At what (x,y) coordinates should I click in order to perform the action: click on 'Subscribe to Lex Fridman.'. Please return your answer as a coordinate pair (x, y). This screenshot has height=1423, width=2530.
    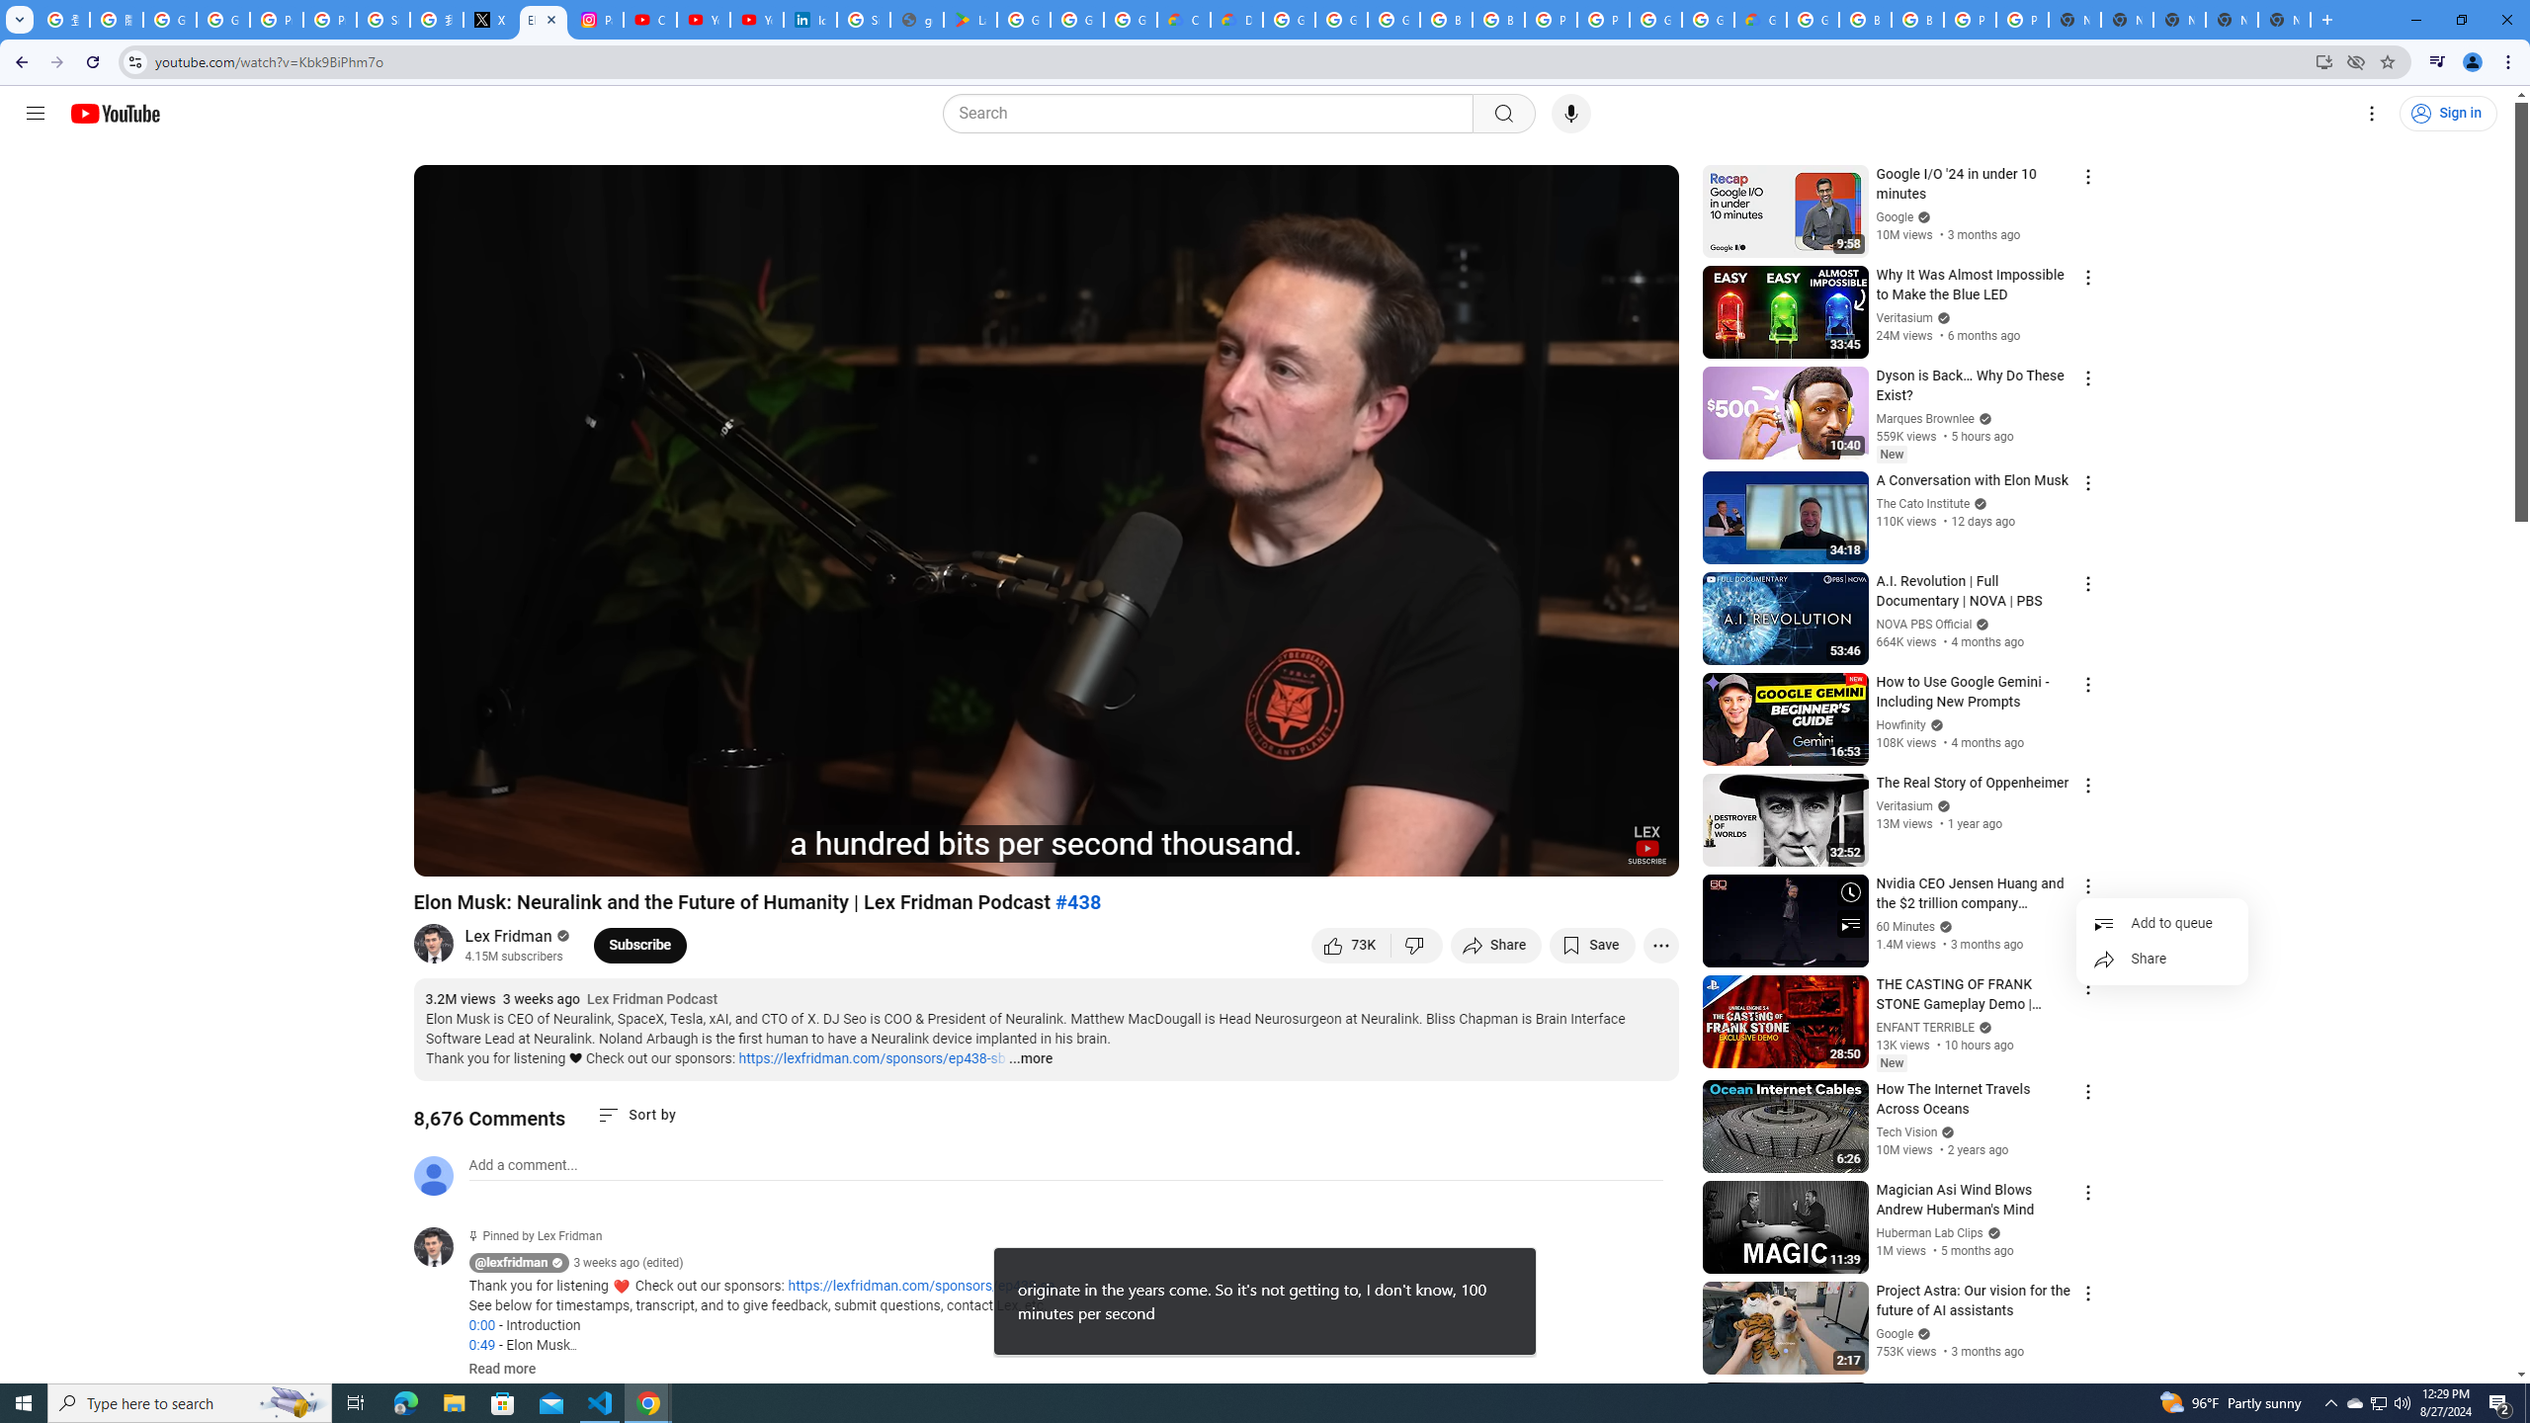
    Looking at the image, I should click on (639, 944).